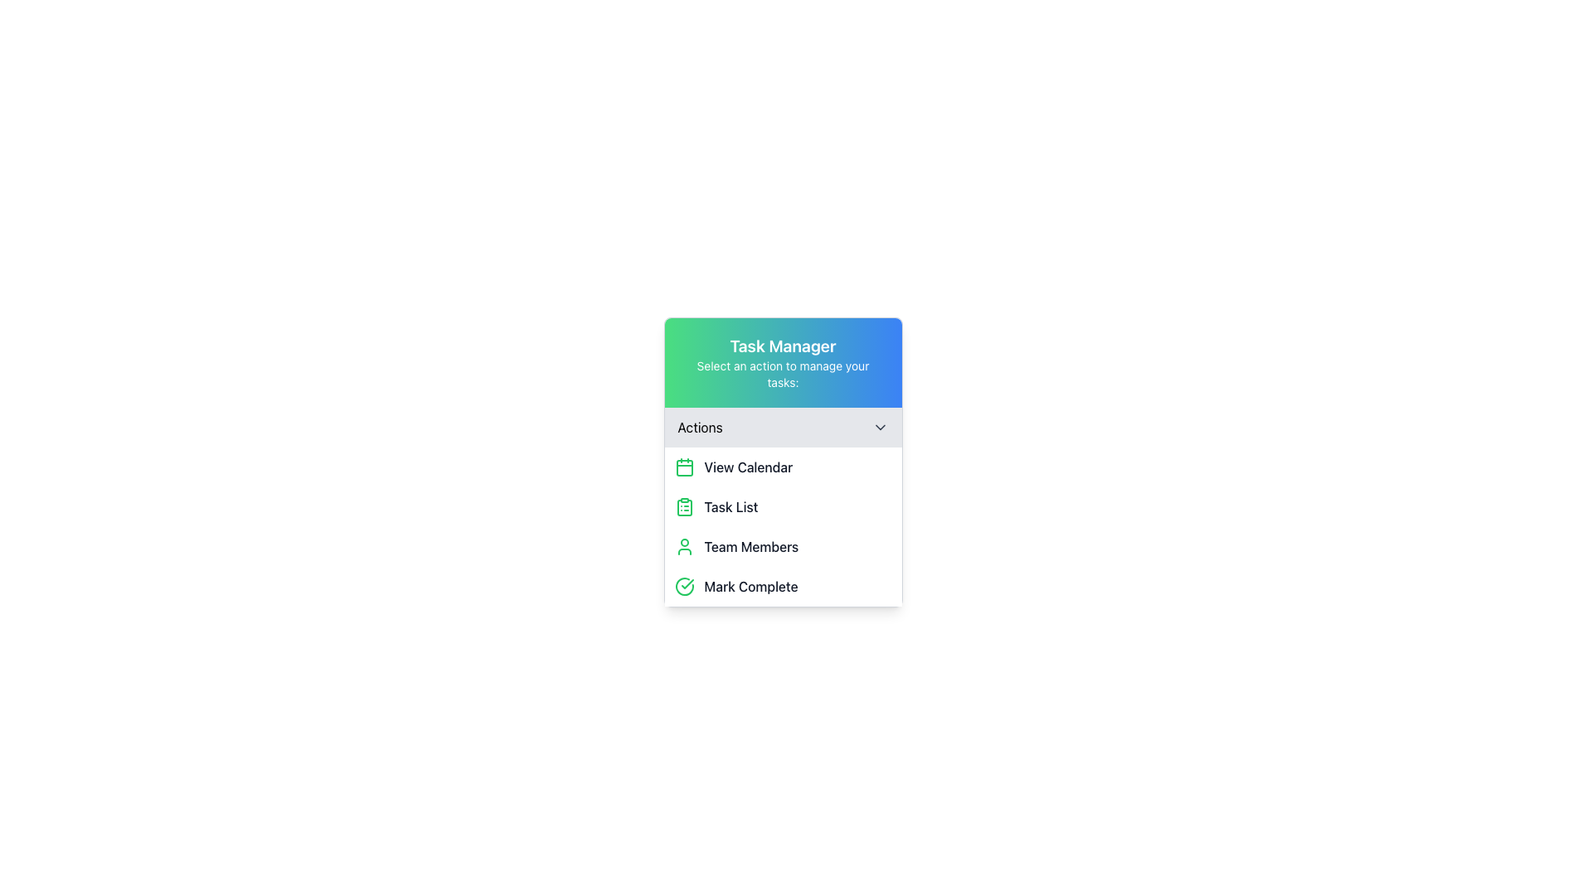 This screenshot has height=895, width=1592. I want to click on the first clickable list item in the 'Task Manager' pop-up menu, which features a green calendar icon and the text 'View Calendar', so click(782, 467).